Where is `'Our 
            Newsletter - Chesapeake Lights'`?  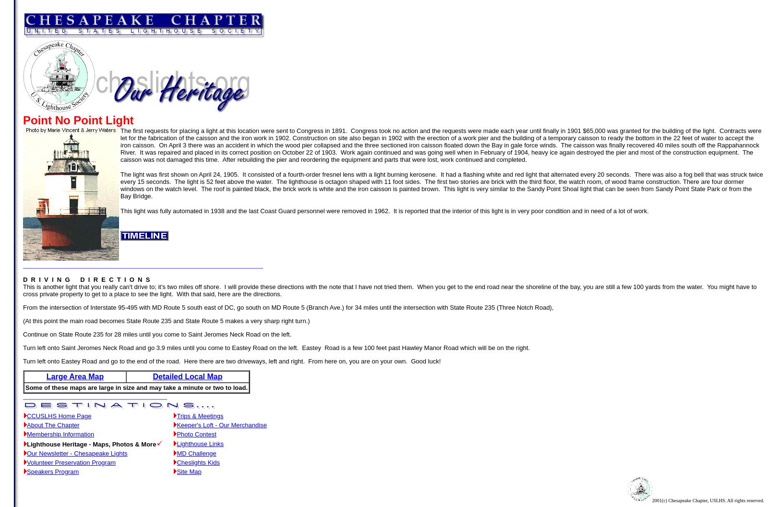 'Our 
            Newsletter - Chesapeake Lights' is located at coordinates (76, 453).